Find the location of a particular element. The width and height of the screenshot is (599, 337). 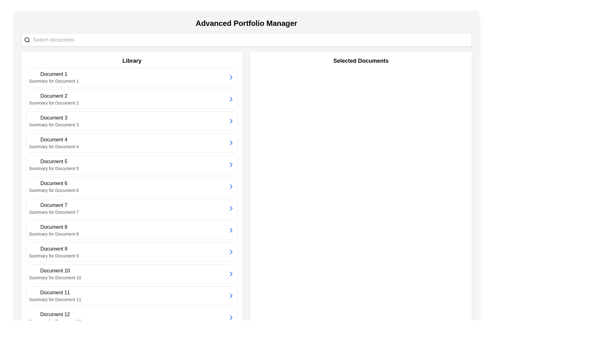

the indicator icon located in the right-hand side of the first document entry in the 'Library' section is located at coordinates (231, 77).